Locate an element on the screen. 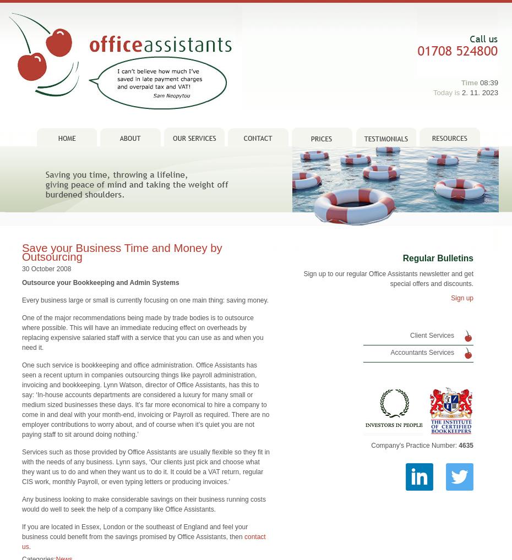 Image resolution: width=512 pixels, height=560 pixels. 'One such service is bookkeeping and office administration. Office Assistants has seen a recent upturn in companies outsourcing things like payroll administration, invoicing and bookkeeping. Lynn Watson, director of Office Assistants, has this to say: ‘In-house accounts departments are considered a luxury for many small or medium sized businesses these days. It’s far more economical to hire a company to come in and deal with your month-end, invoicing or Payroll as required. There are no employer contributions to worry about, and of course when it’s quiet you are not paying staff to sit around doing nothing.’' is located at coordinates (145, 383).